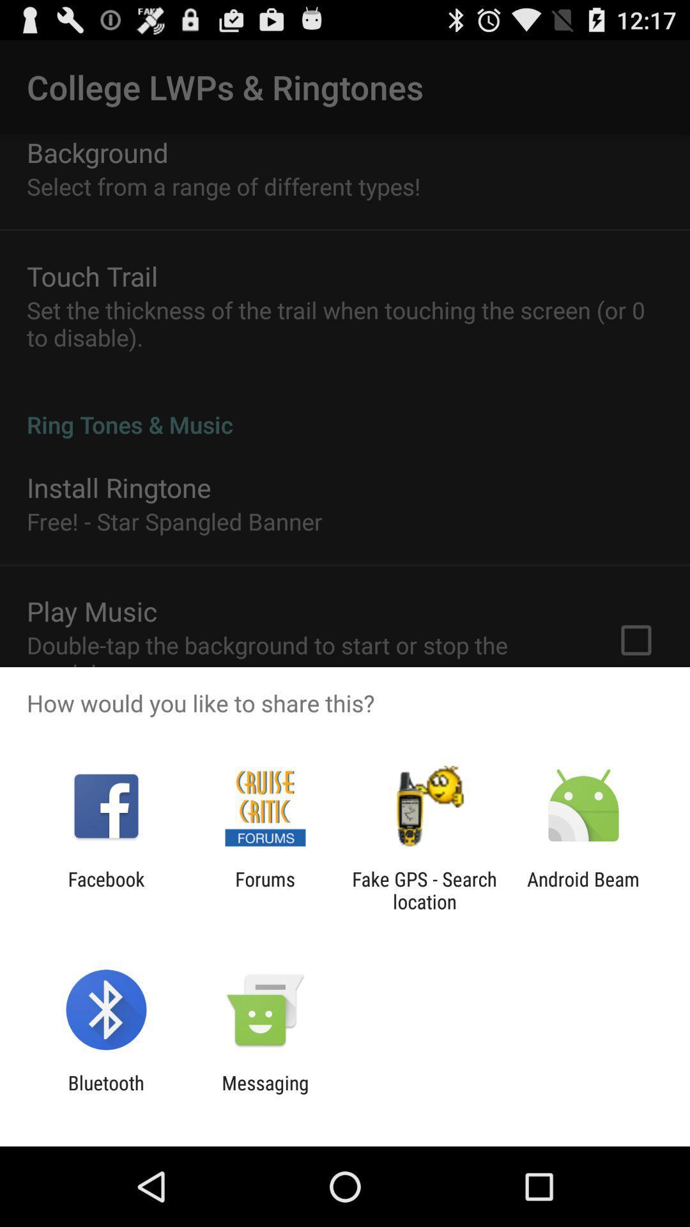 Image resolution: width=690 pixels, height=1227 pixels. What do you see at coordinates (105, 1093) in the screenshot?
I see `bluetooth icon` at bounding box center [105, 1093].